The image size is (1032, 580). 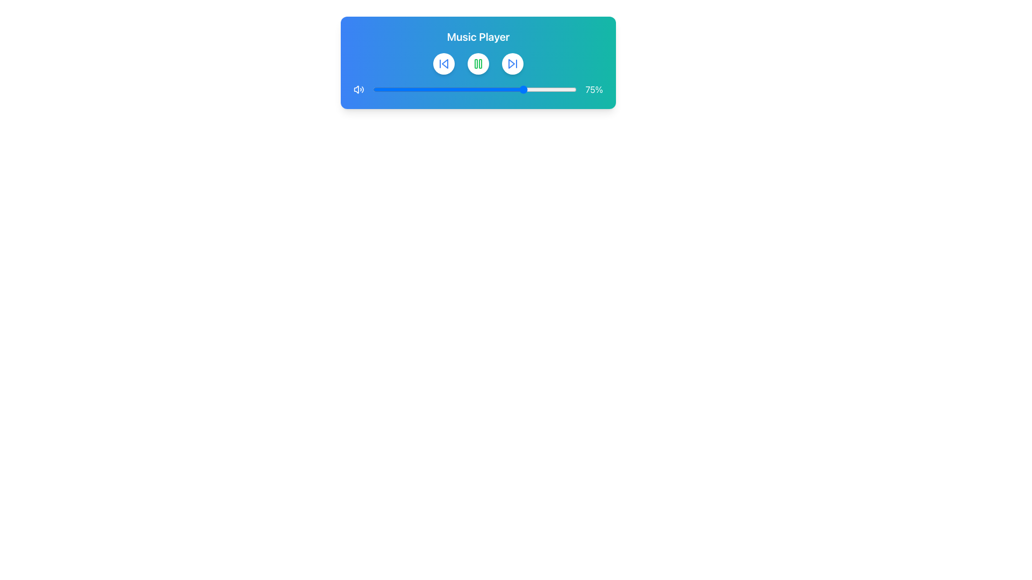 I want to click on the right vertical bar of the 'Pause' button icon, which is positioned at the center of the interface, so click(x=479, y=64).